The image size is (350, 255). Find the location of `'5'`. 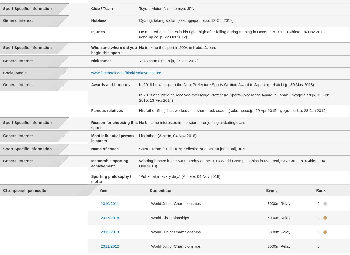

'5' is located at coordinates (318, 246).